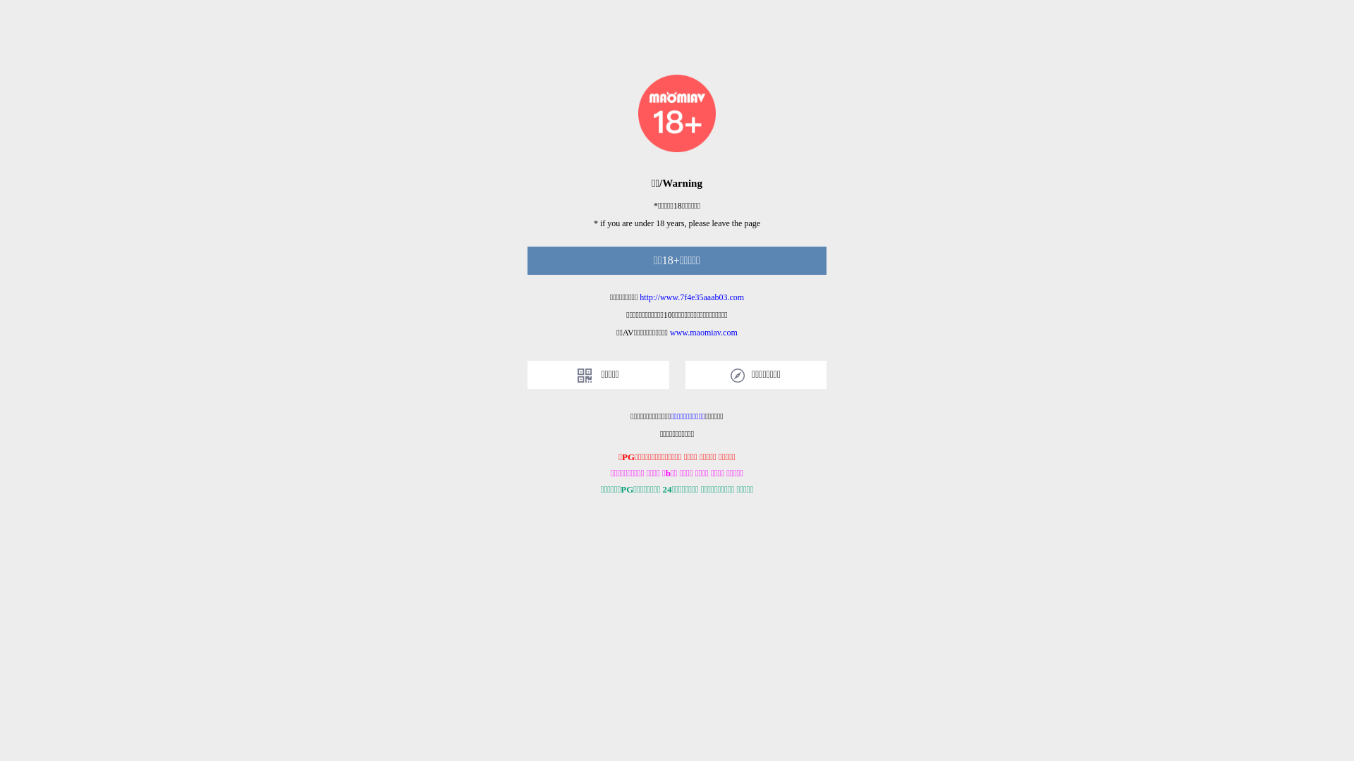  Describe the element at coordinates (704, 332) in the screenshot. I see `'www.maomiav.com'` at that location.